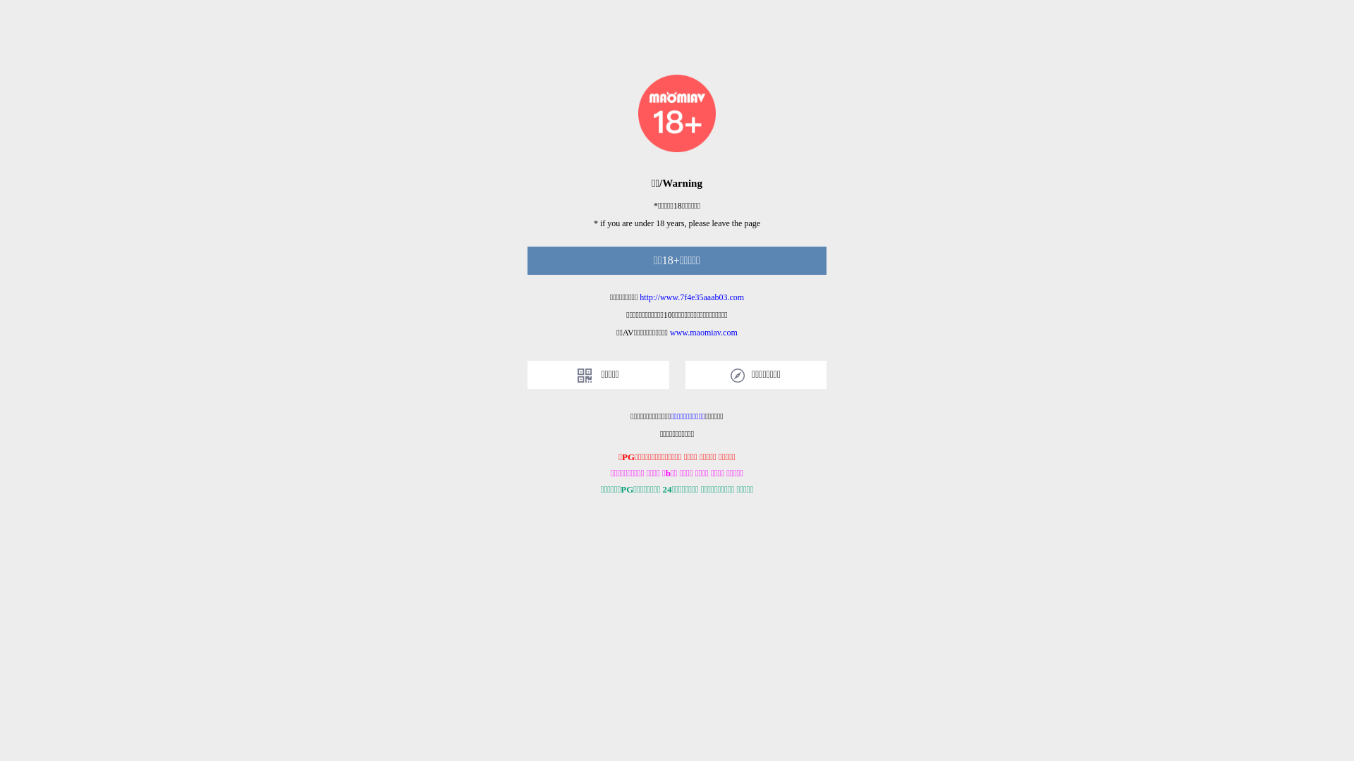  Describe the element at coordinates (704, 332) in the screenshot. I see `'www.maomiav.com'` at that location.